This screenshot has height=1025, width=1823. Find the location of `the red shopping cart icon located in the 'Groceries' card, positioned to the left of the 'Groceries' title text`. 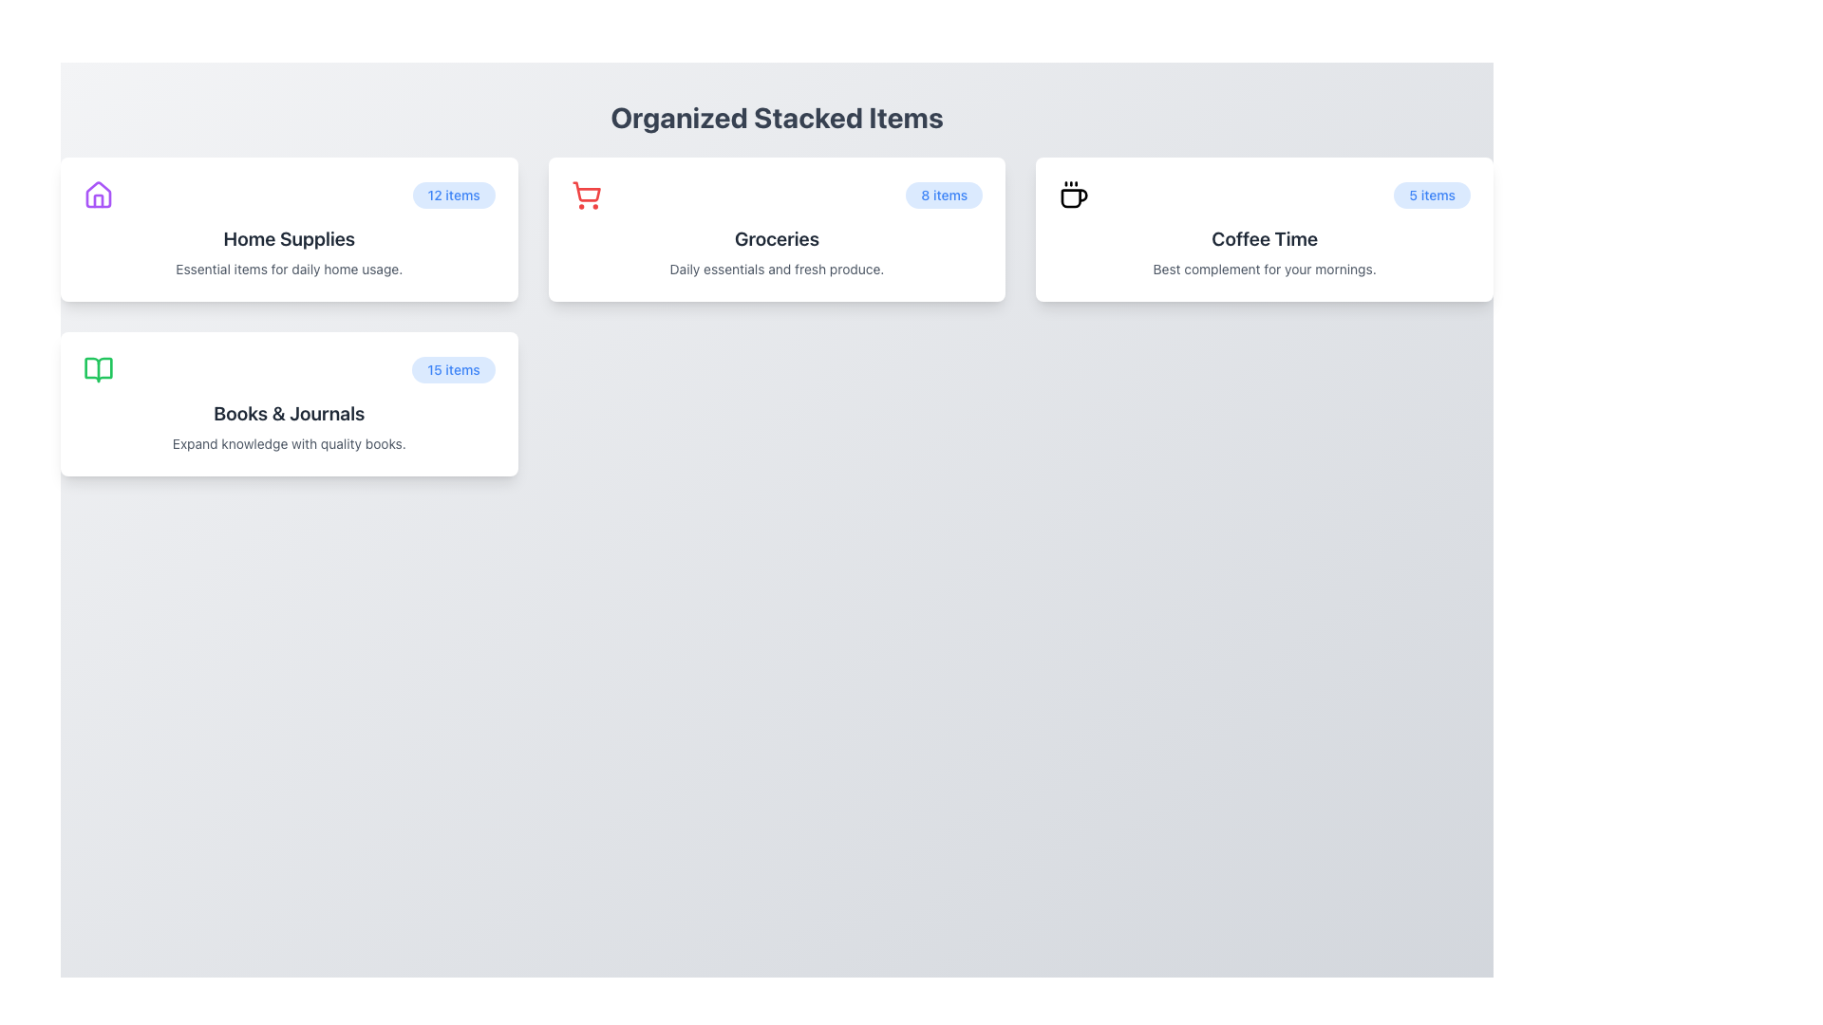

the red shopping cart icon located in the 'Groceries' card, positioned to the left of the 'Groceries' title text is located at coordinates (585, 195).